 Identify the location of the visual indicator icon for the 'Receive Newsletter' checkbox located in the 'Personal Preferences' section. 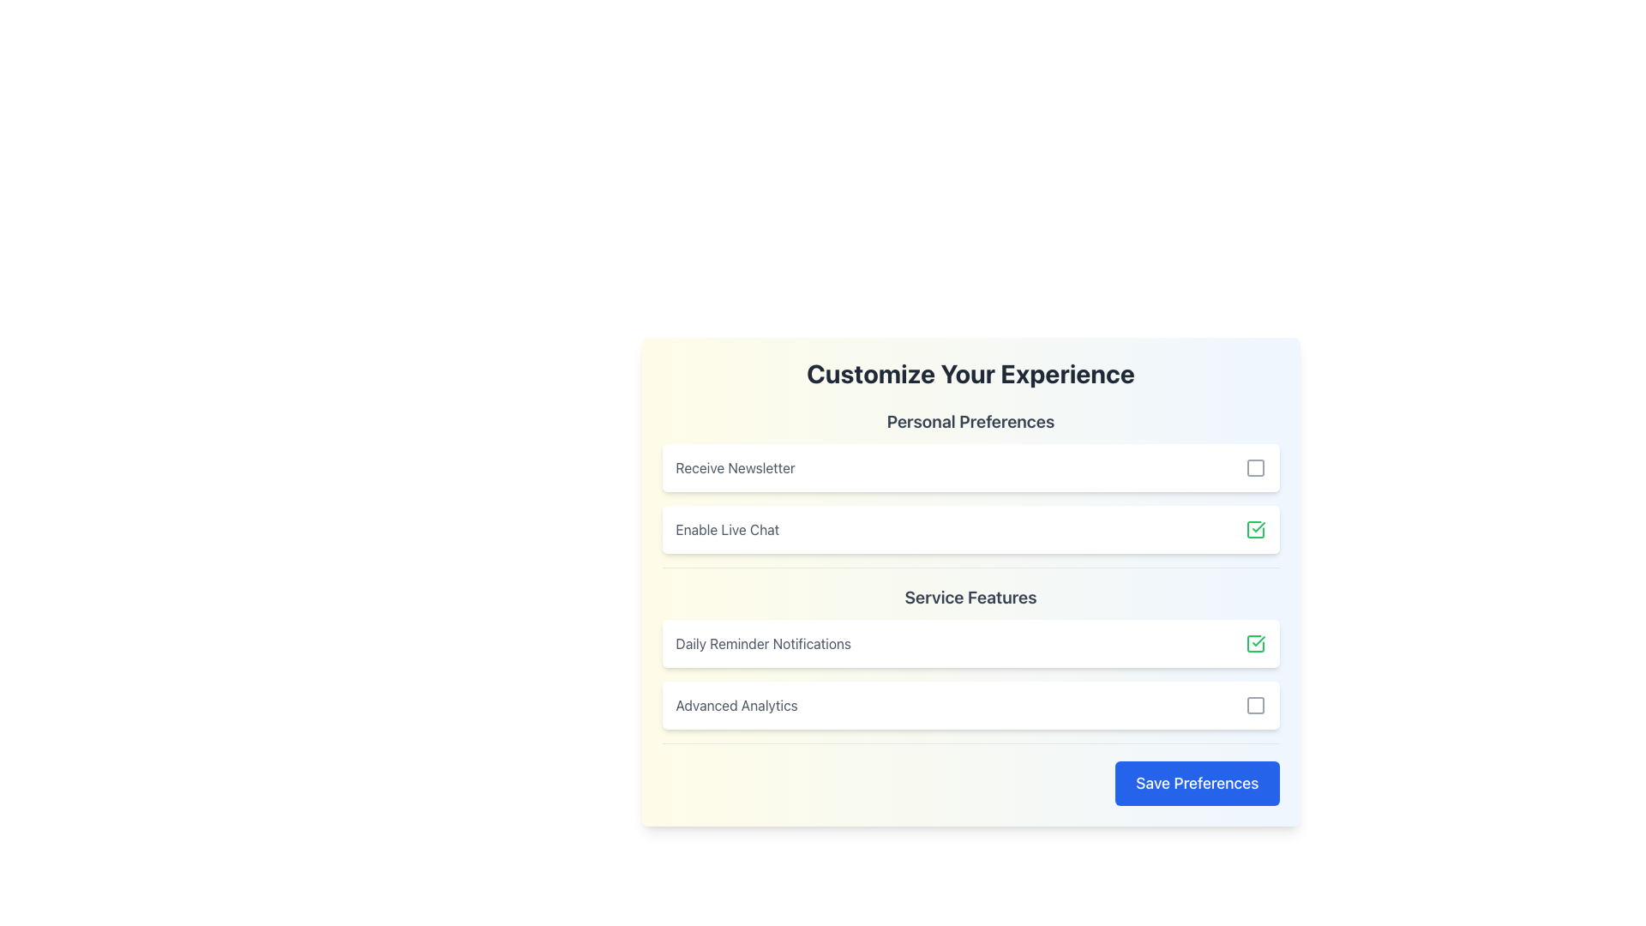
(1255, 468).